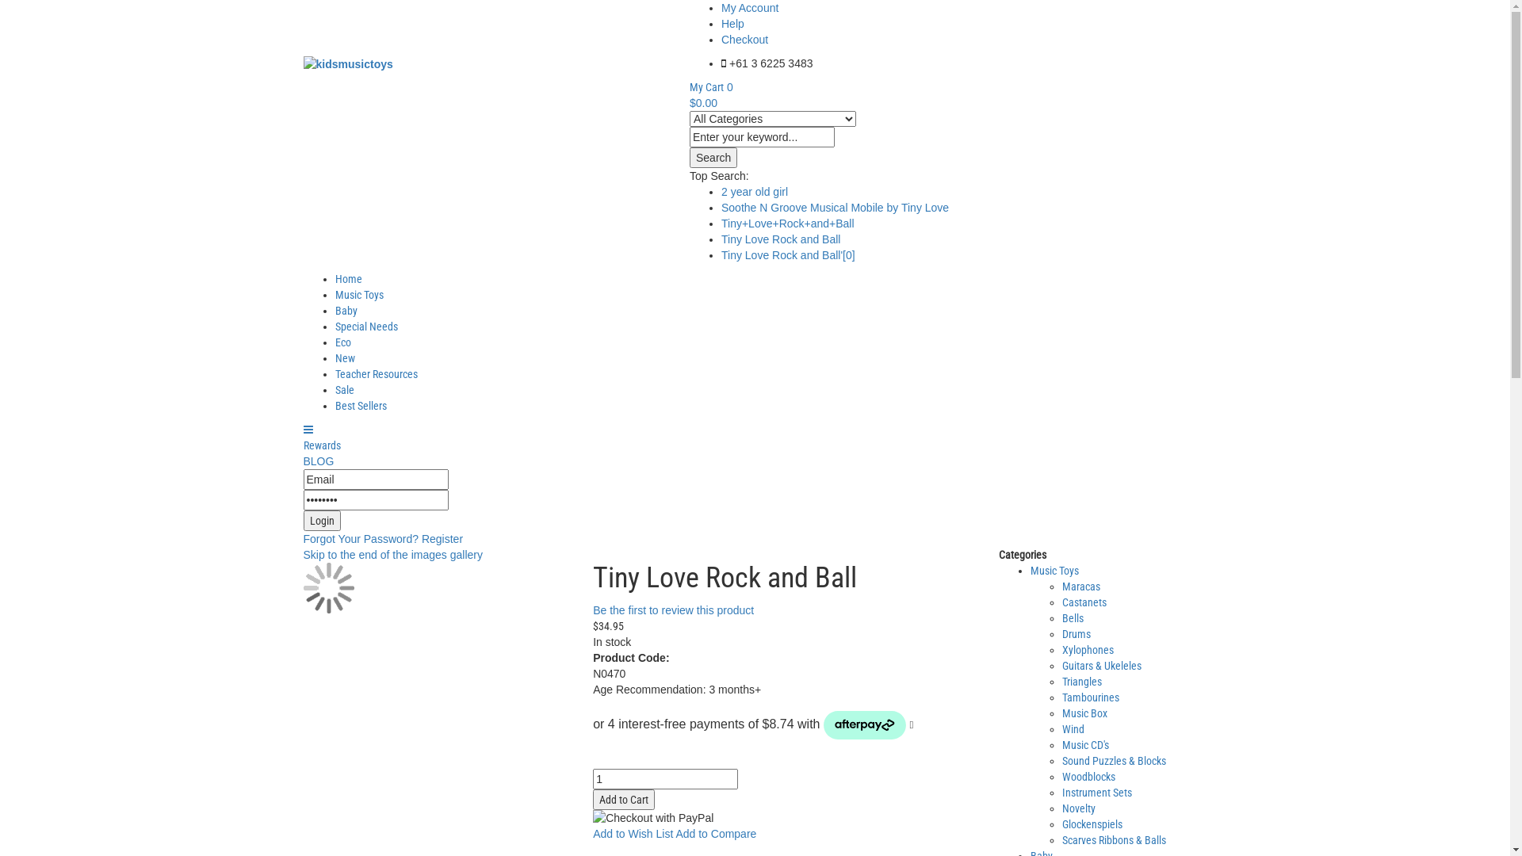  I want to click on 'Home', so click(346, 277).